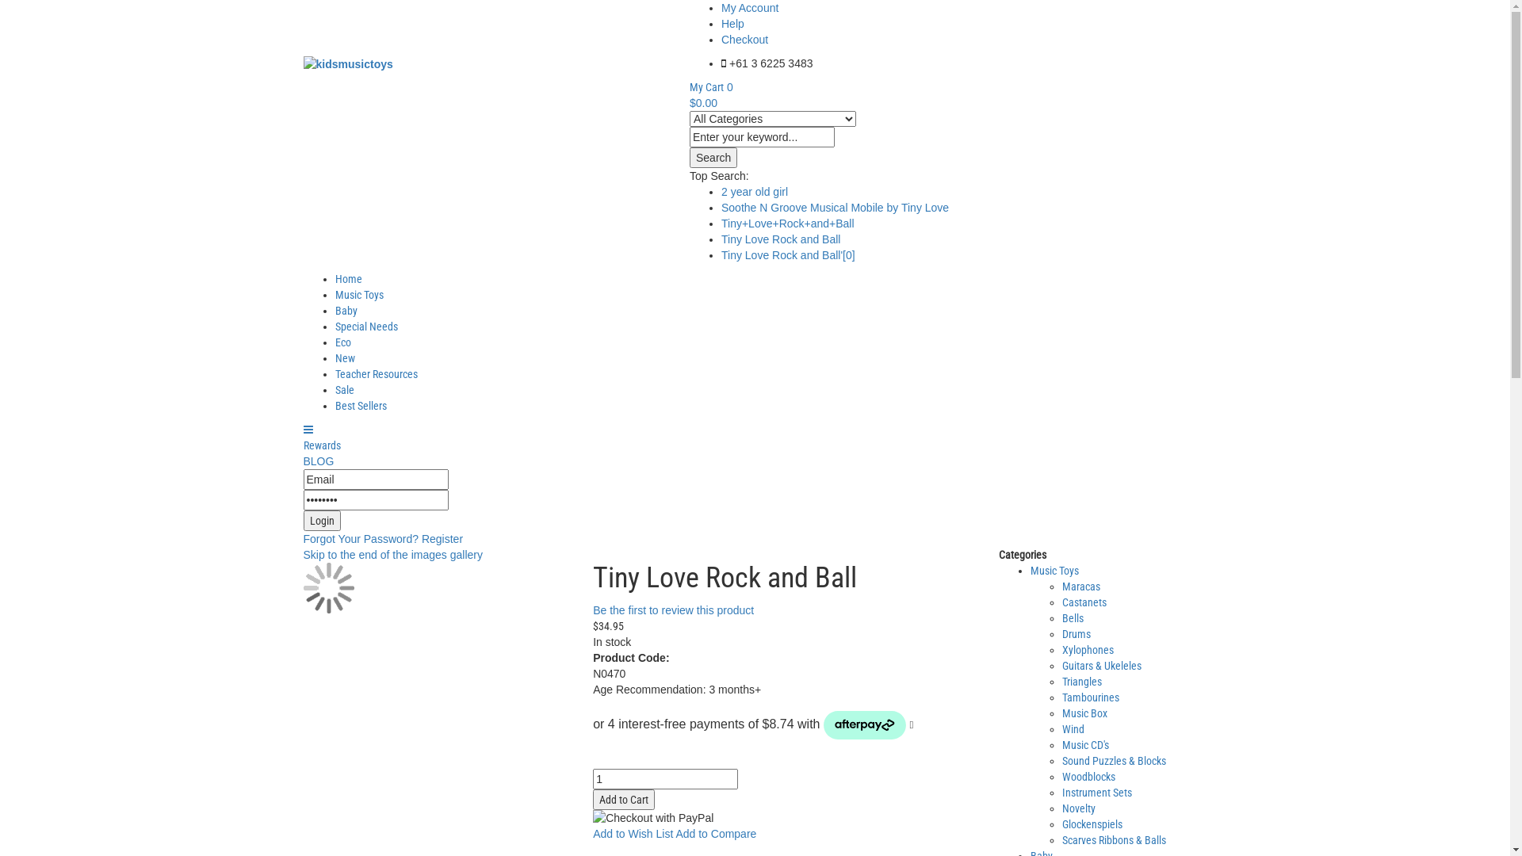  I want to click on 'Home', so click(346, 277).